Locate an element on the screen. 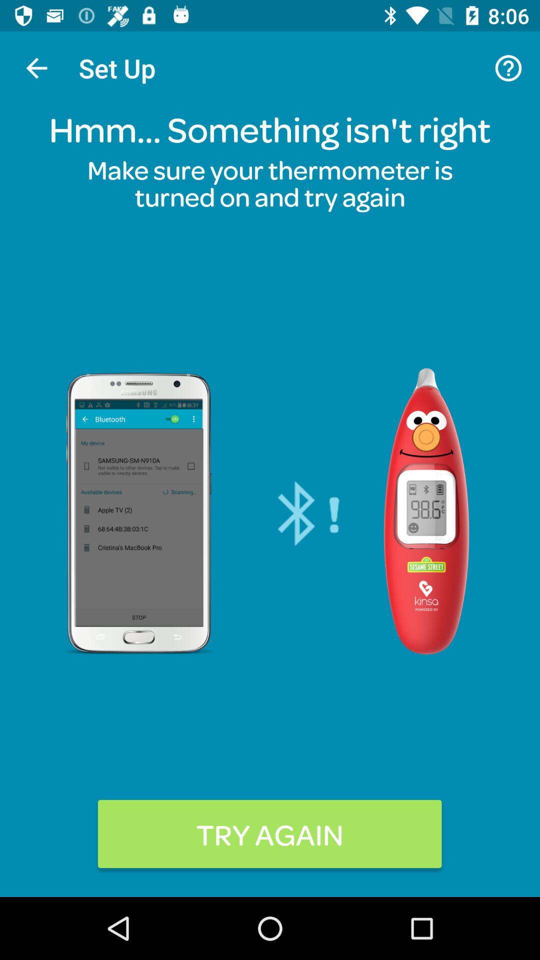  the icon to the left of set up item is located at coordinates (36, 67).